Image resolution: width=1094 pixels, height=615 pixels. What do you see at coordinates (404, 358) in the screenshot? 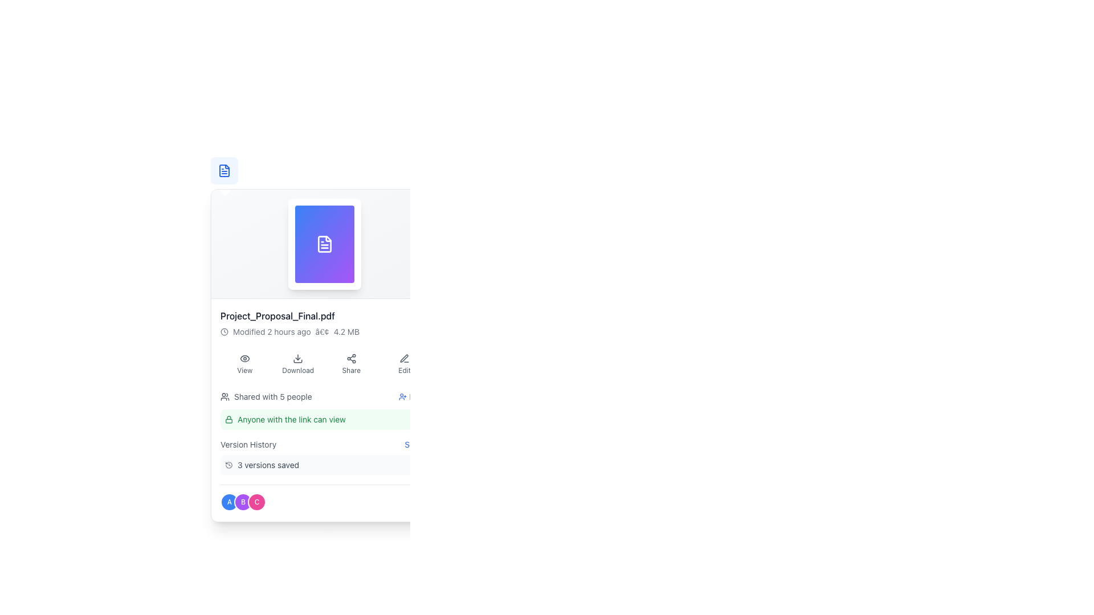
I see `the curved line element of the pencil-shaped edit icon located in the top-right corner of the toolbar interface for visual feedback` at bounding box center [404, 358].